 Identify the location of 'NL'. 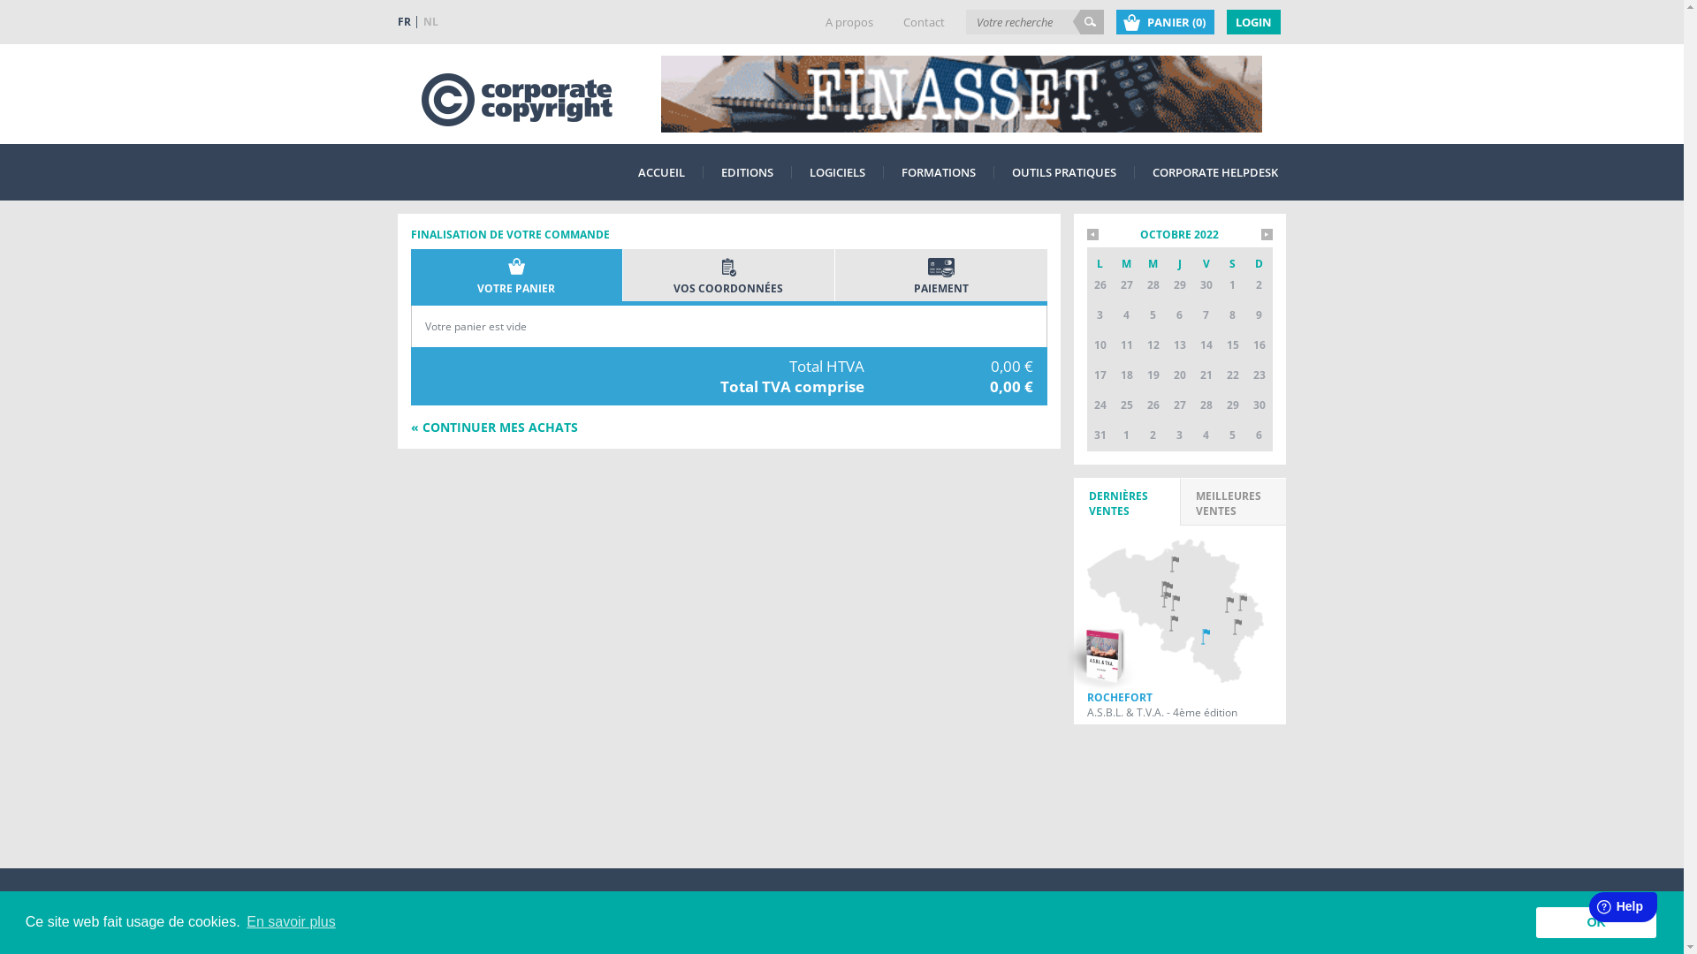
(430, 21).